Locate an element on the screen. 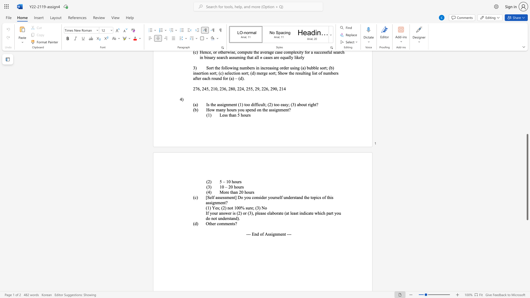 This screenshot has height=298, width=530. the scrollbar and move up 230 pixels is located at coordinates (527, 177).